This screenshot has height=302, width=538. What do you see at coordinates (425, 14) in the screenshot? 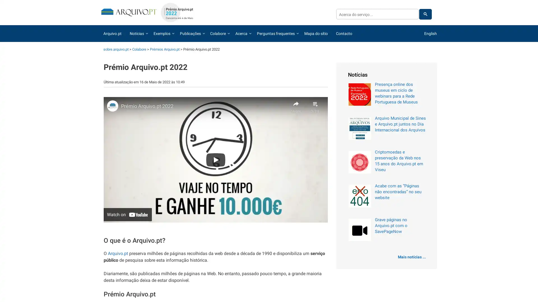
I see `pesquisar` at bounding box center [425, 14].